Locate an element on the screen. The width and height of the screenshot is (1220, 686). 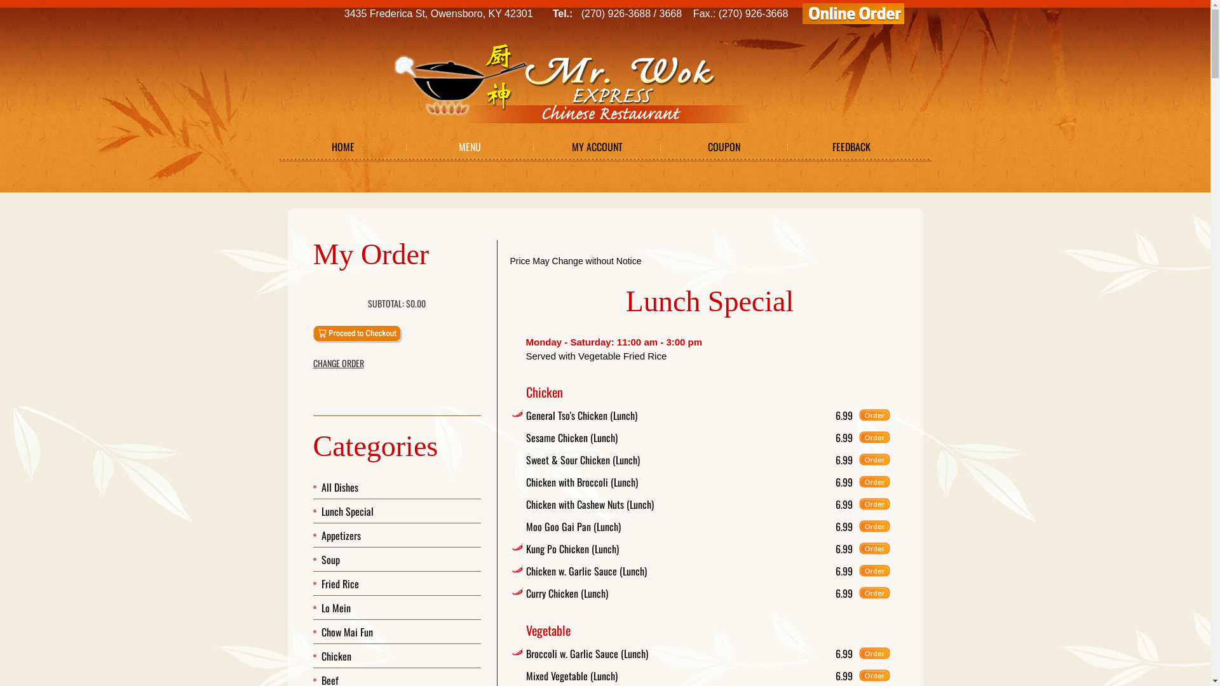
'FEEDBACK' is located at coordinates (851, 146).